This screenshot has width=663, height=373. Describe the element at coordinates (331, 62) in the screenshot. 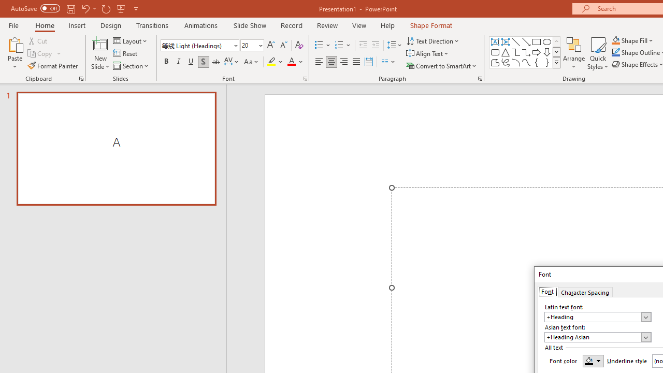

I see `'Center'` at that location.